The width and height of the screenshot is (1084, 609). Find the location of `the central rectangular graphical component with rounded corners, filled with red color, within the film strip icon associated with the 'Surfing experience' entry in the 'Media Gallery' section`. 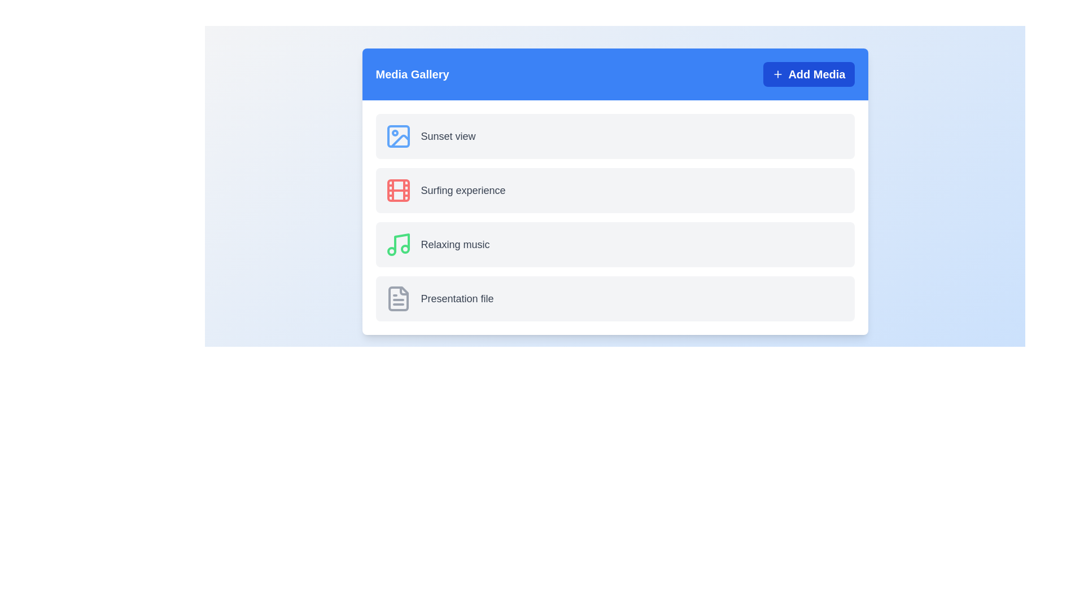

the central rectangular graphical component with rounded corners, filled with red color, within the film strip icon associated with the 'Surfing experience' entry in the 'Media Gallery' section is located at coordinates (398, 190).